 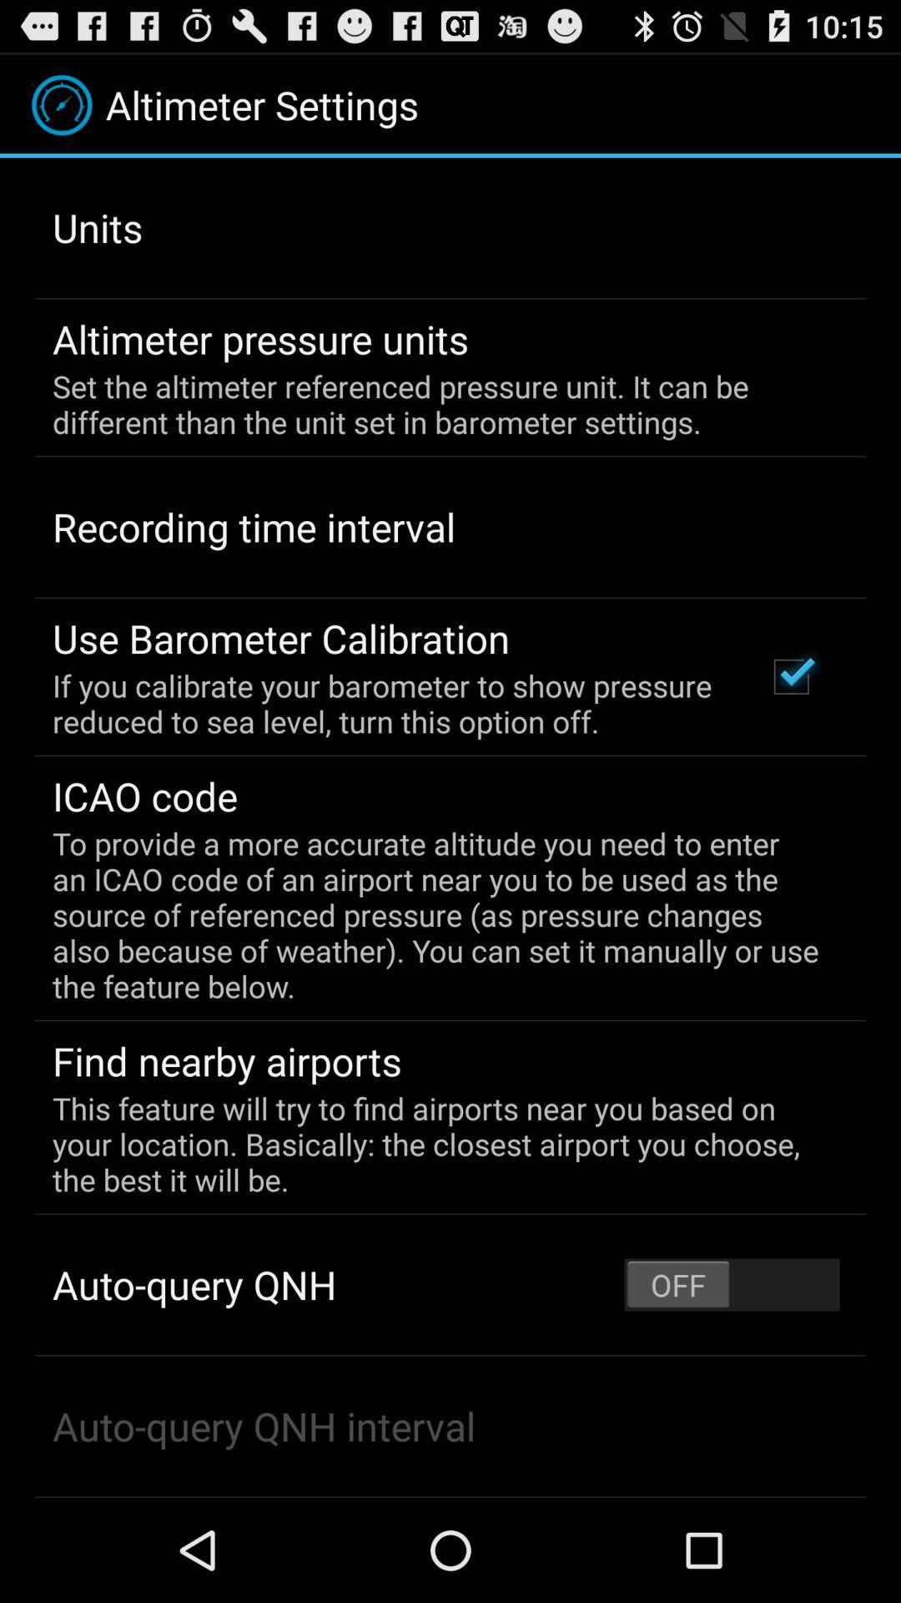 What do you see at coordinates (254, 526) in the screenshot?
I see `item below the set the altimeter` at bounding box center [254, 526].